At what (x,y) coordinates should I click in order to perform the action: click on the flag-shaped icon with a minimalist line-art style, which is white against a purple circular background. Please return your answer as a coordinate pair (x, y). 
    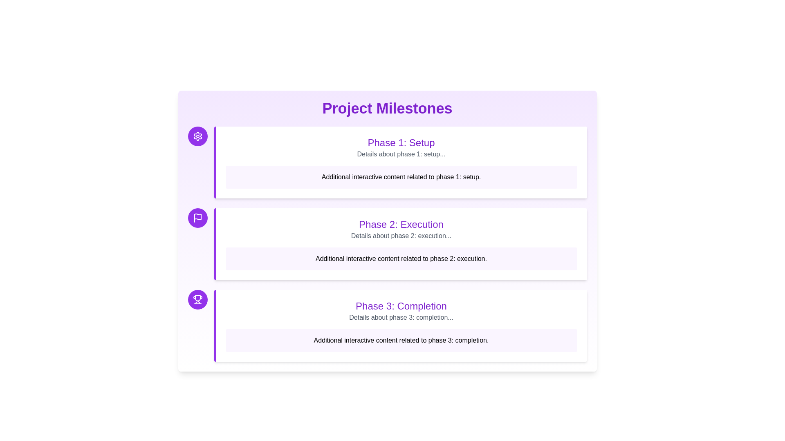
    Looking at the image, I should click on (197, 217).